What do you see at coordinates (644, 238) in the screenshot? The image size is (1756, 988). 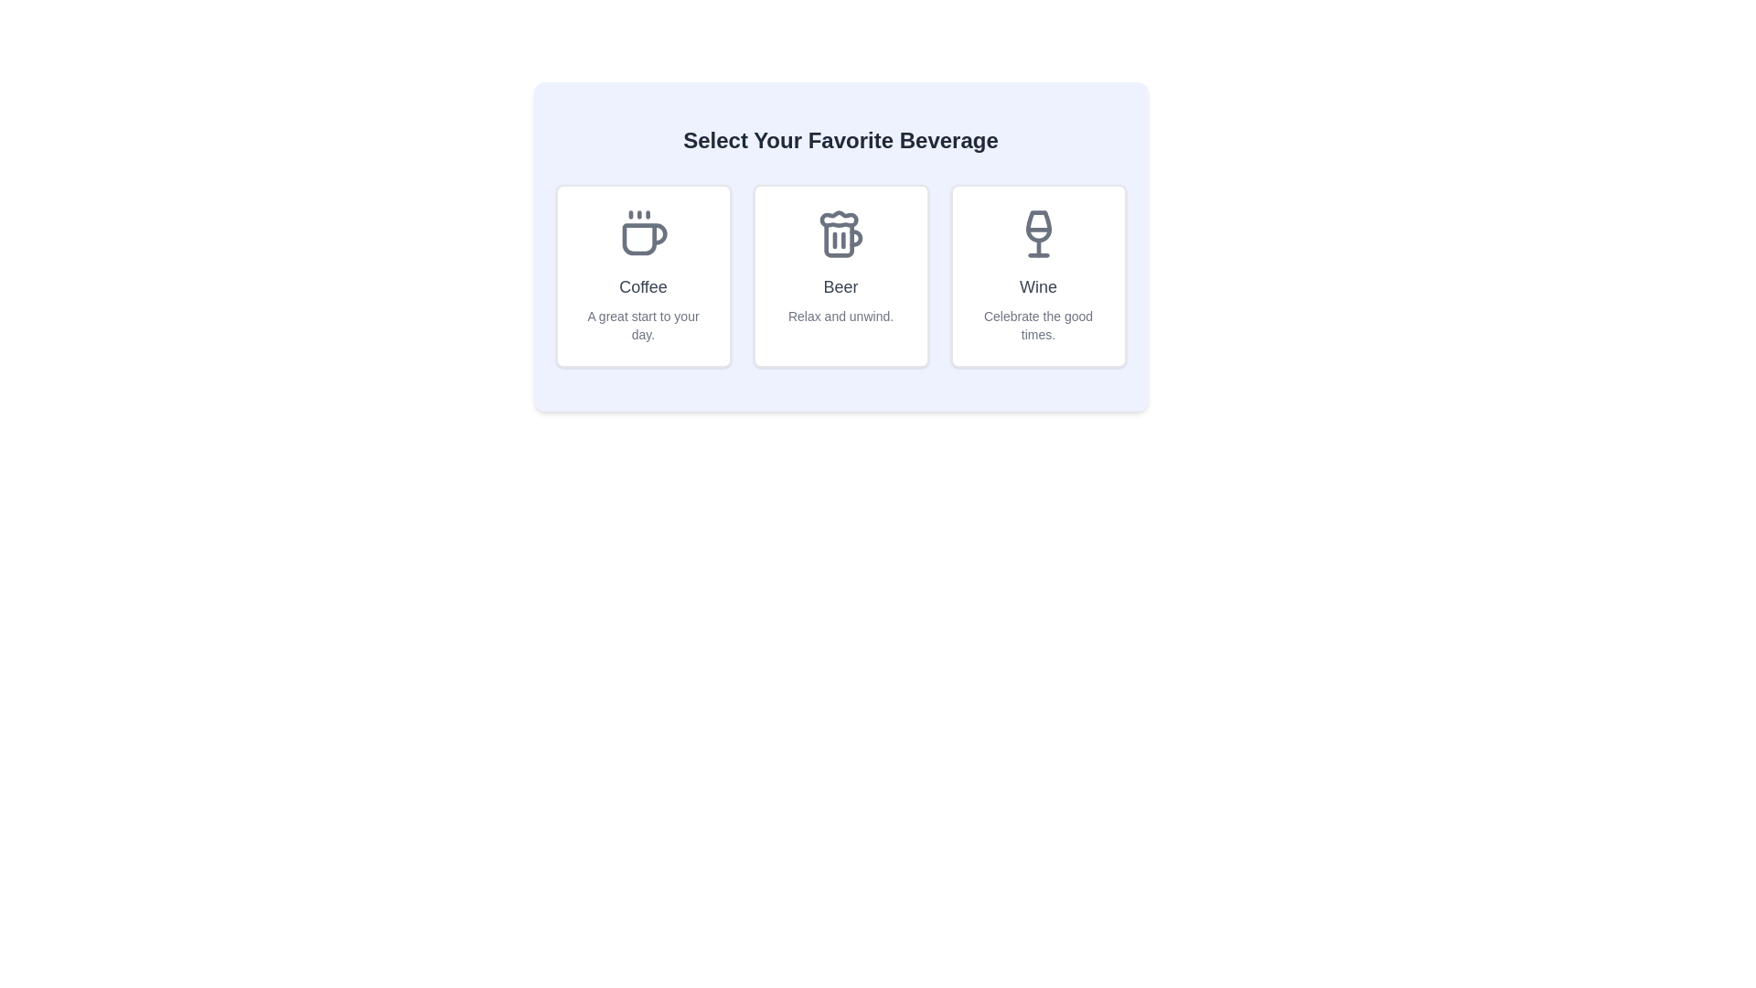 I see `the main body of the coffee cup icon located within the 'Coffee' option card` at bounding box center [644, 238].